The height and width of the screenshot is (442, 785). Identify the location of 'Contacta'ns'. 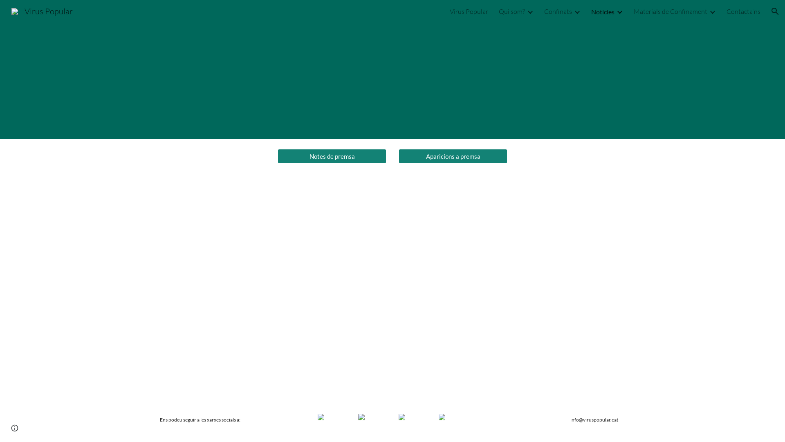
(743, 11).